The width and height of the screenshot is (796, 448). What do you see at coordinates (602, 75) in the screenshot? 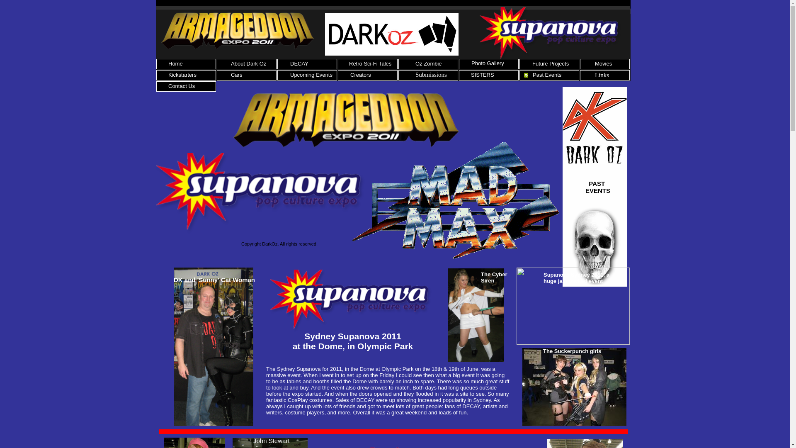
I see `'Links'` at bounding box center [602, 75].